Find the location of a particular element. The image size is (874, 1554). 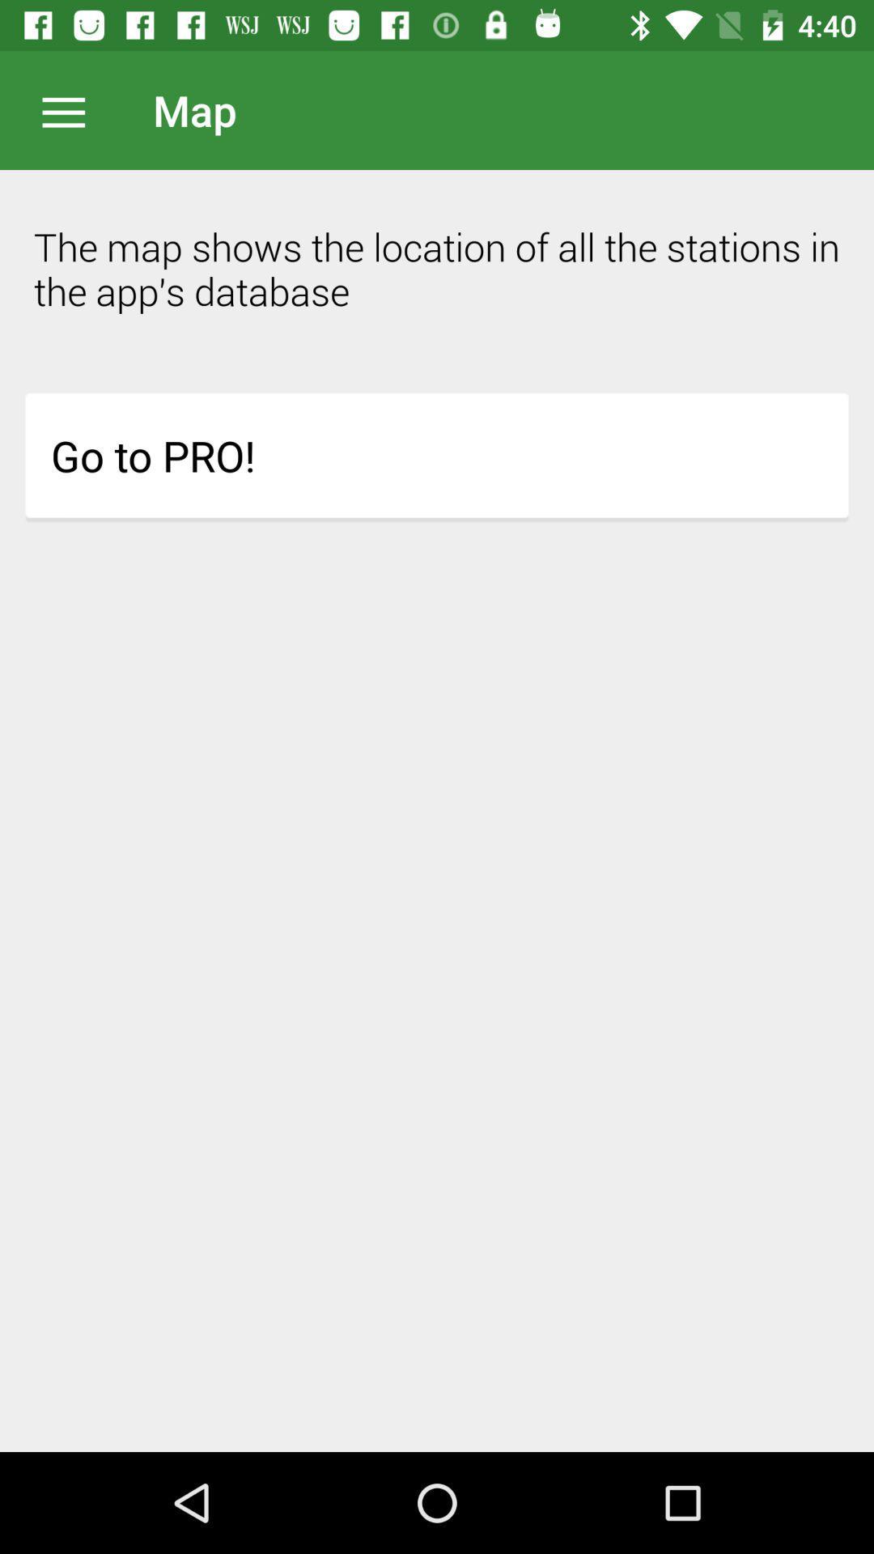

the item next to map item is located at coordinates (71, 109).